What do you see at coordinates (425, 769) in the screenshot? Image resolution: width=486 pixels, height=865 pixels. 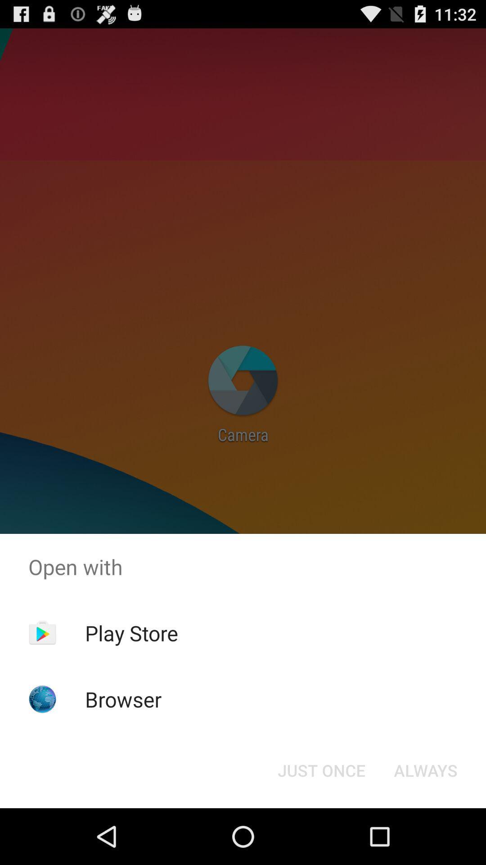 I see `button to the right of the just once button` at bounding box center [425, 769].